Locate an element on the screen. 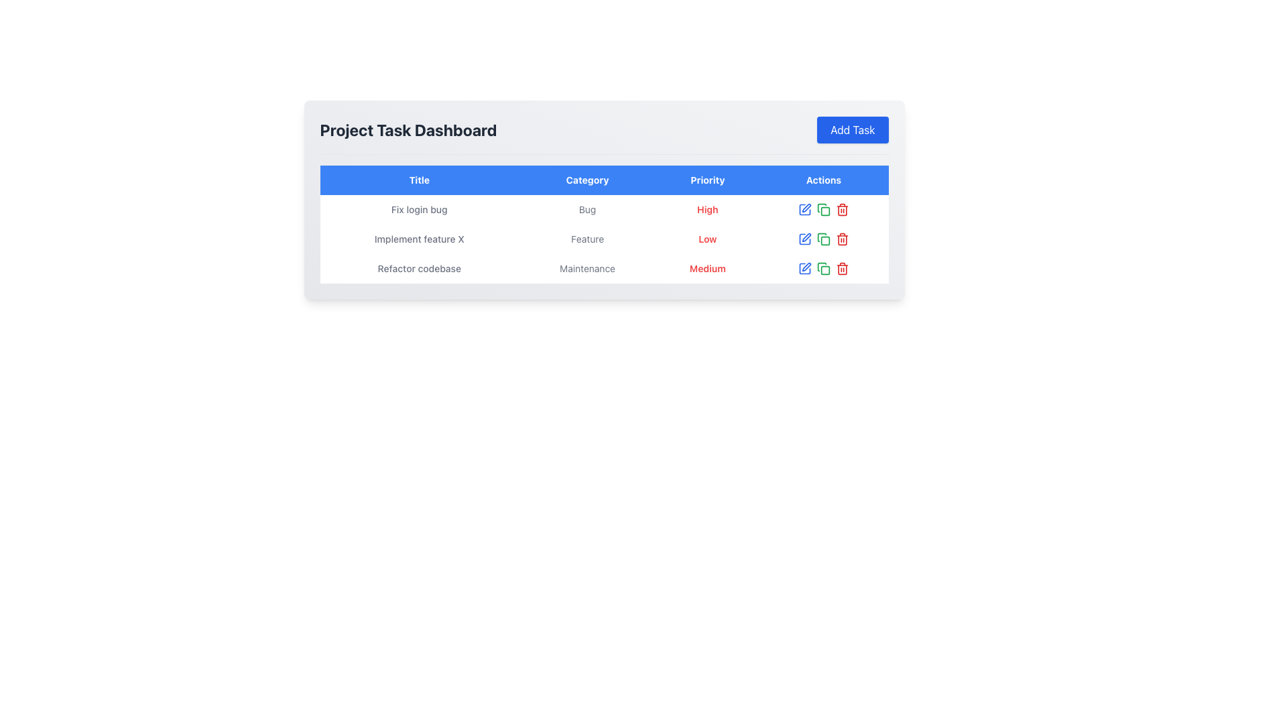 Image resolution: width=1287 pixels, height=724 pixels. the green rectangular button resembling a sheet of paper located in the 'Actions' column of the last row of the table is located at coordinates (822, 269).